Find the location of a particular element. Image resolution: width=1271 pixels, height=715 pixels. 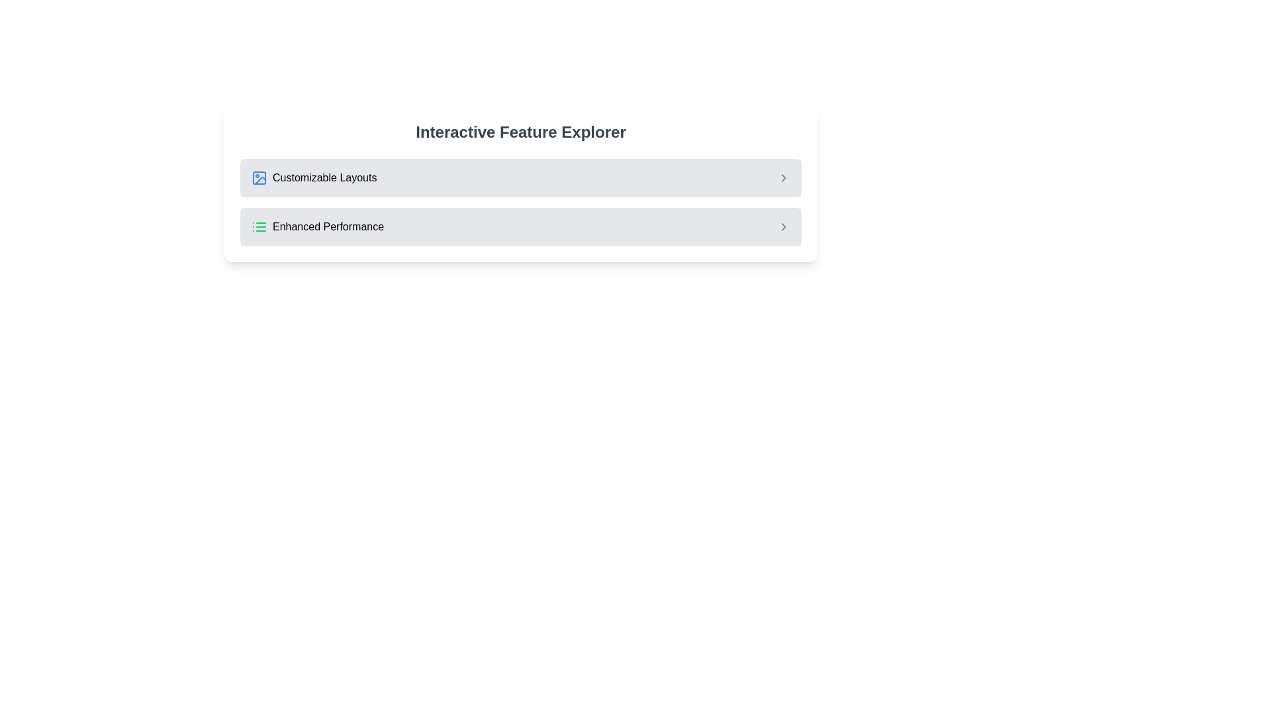

the navigable button labeled 'Enhanced Performance' to change its background color is located at coordinates (520, 226).